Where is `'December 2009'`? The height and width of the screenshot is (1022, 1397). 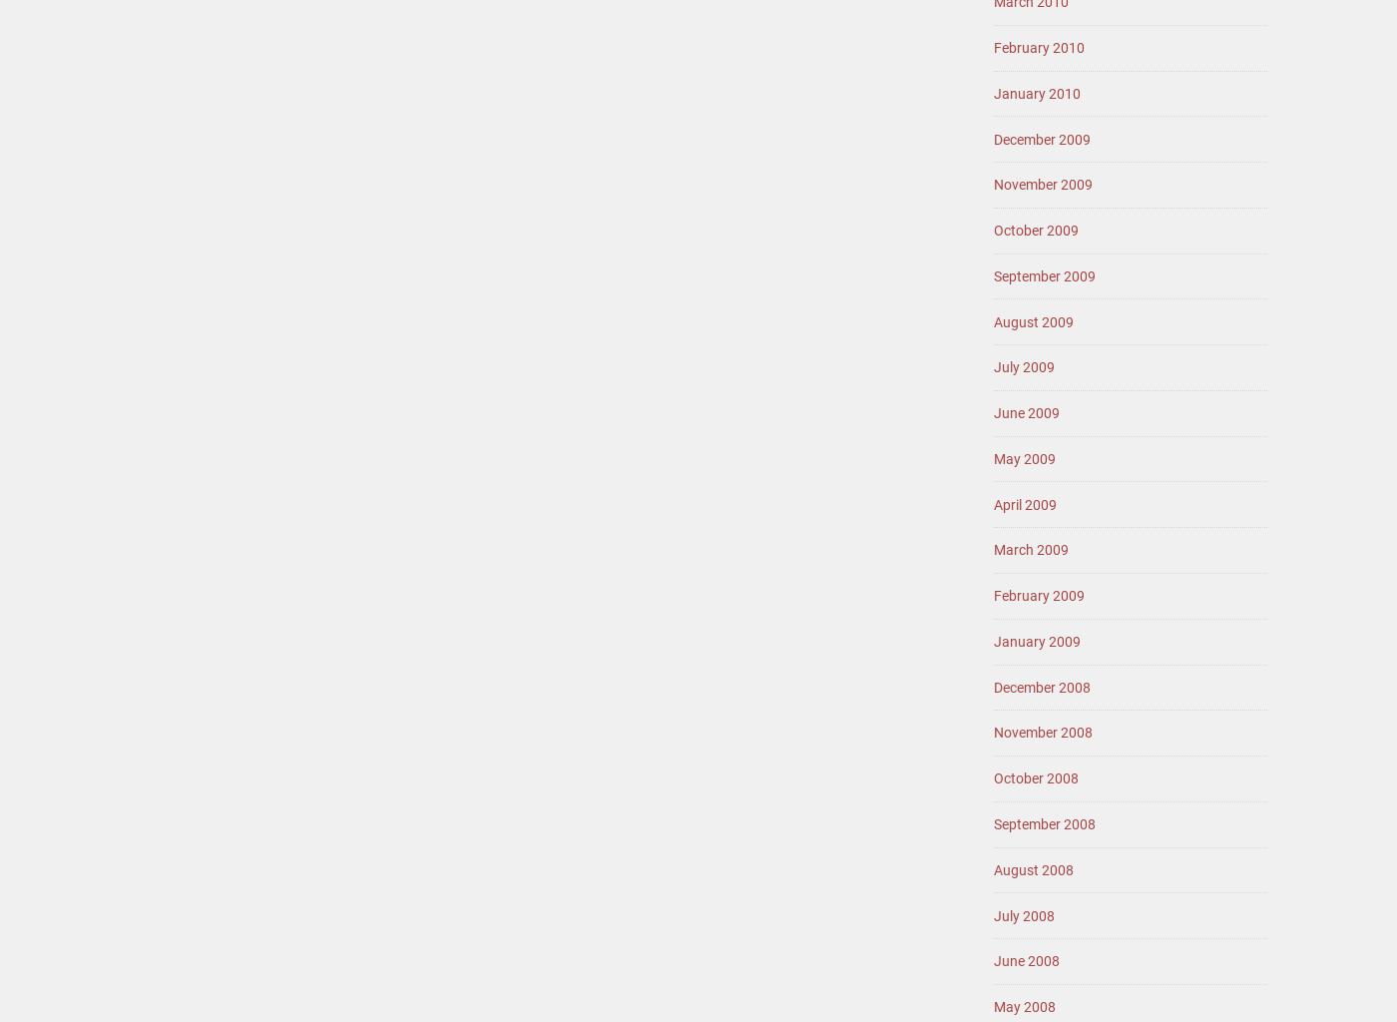
'December 2009' is located at coordinates (1042, 137).